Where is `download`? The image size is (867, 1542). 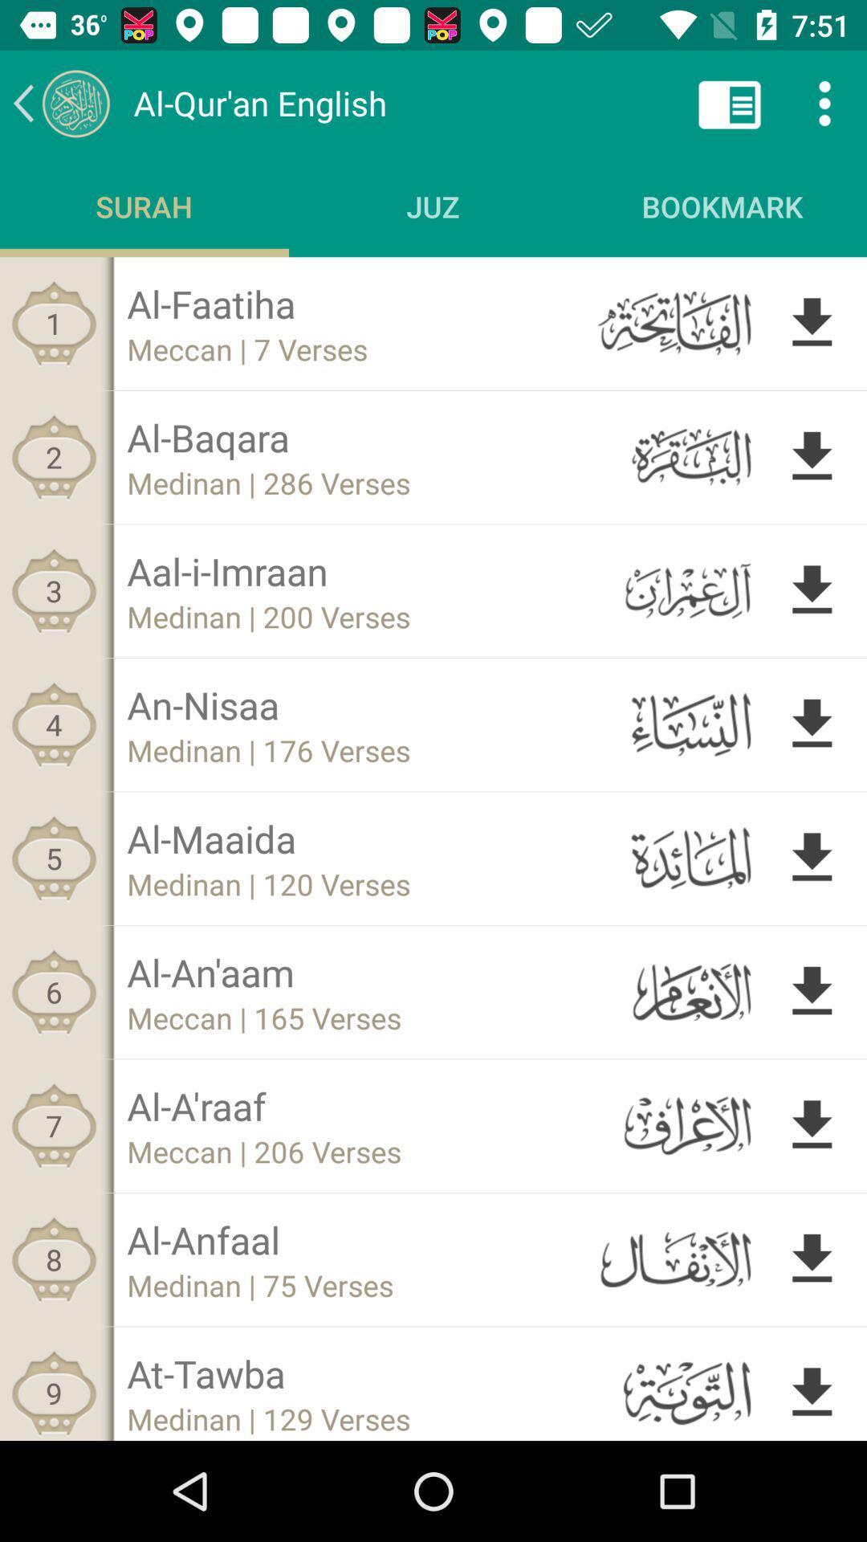
download is located at coordinates (812, 589).